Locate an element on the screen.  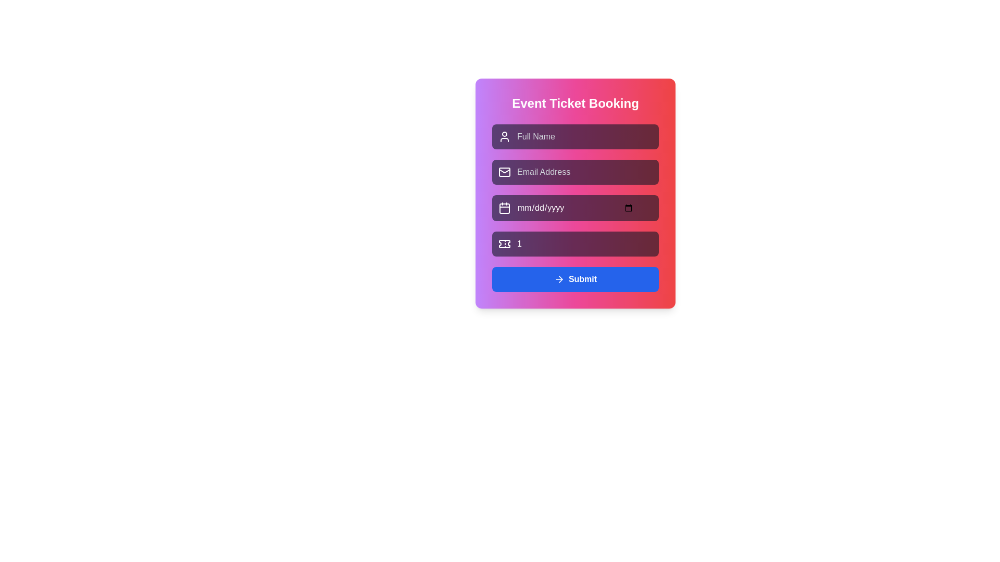
the SVG rectangle that visually represents the email icon, which is part of the second input field in the 'Event Ticket Booking' form is located at coordinates (505, 172).